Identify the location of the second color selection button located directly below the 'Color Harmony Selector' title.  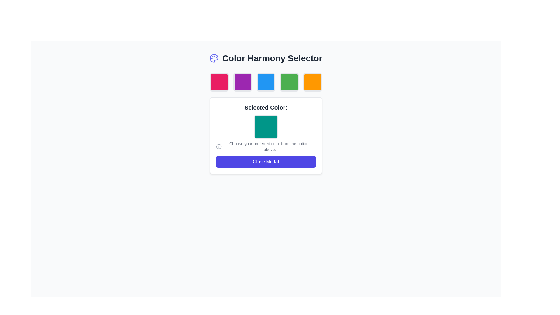
(242, 82).